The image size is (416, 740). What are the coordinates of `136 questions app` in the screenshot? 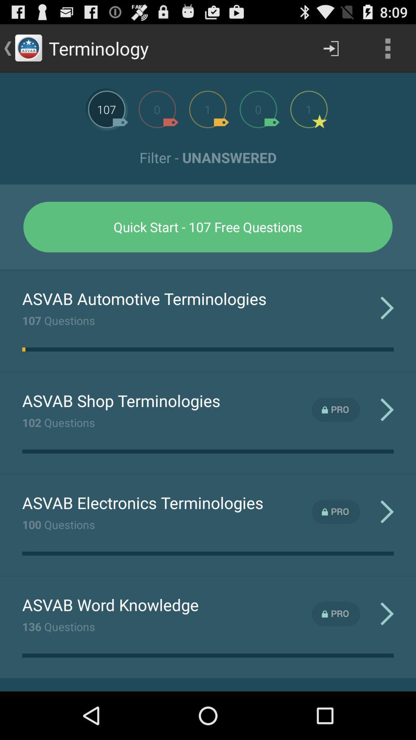 It's located at (58, 626).